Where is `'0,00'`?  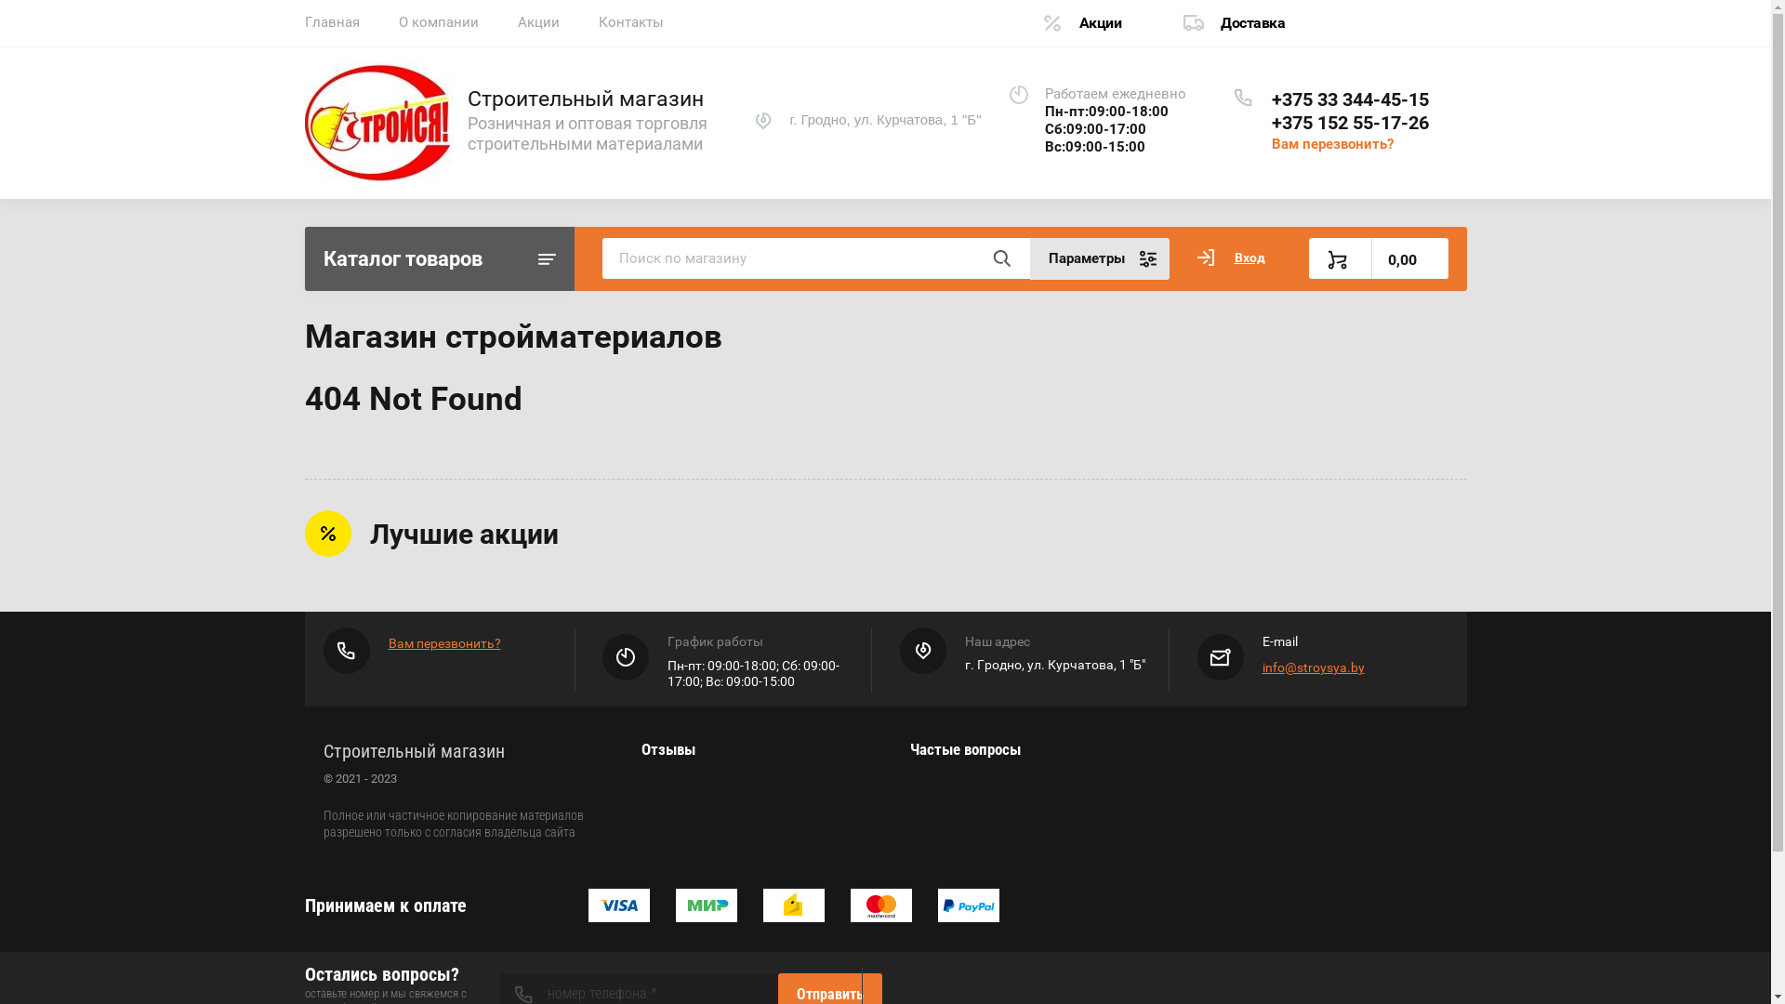
'0,00' is located at coordinates (1379, 258).